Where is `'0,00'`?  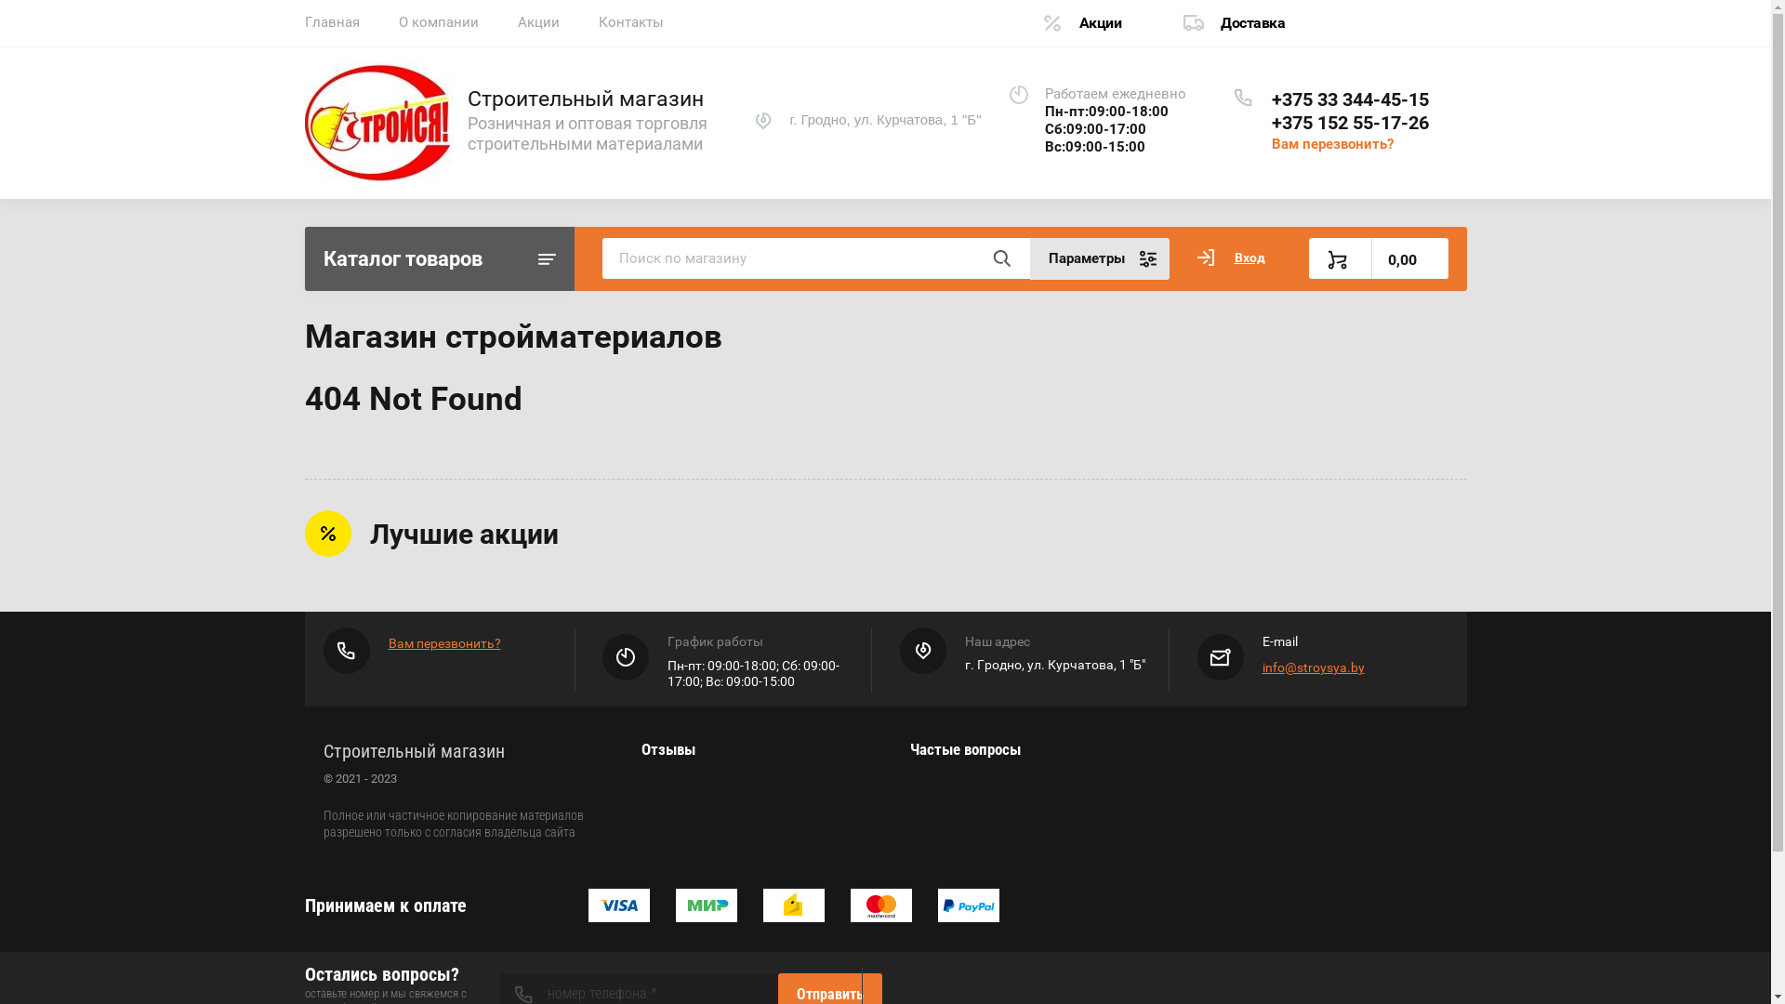
'0,00' is located at coordinates (1379, 258).